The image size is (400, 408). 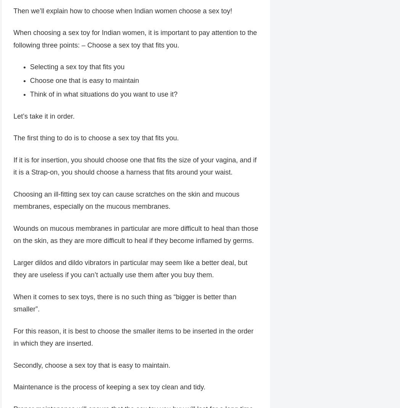 I want to click on 'Larger dildos and dildo vibrators in particular may seem like a better deal, but they are useless if you can’t actually use them after you buy them.', so click(x=130, y=269).